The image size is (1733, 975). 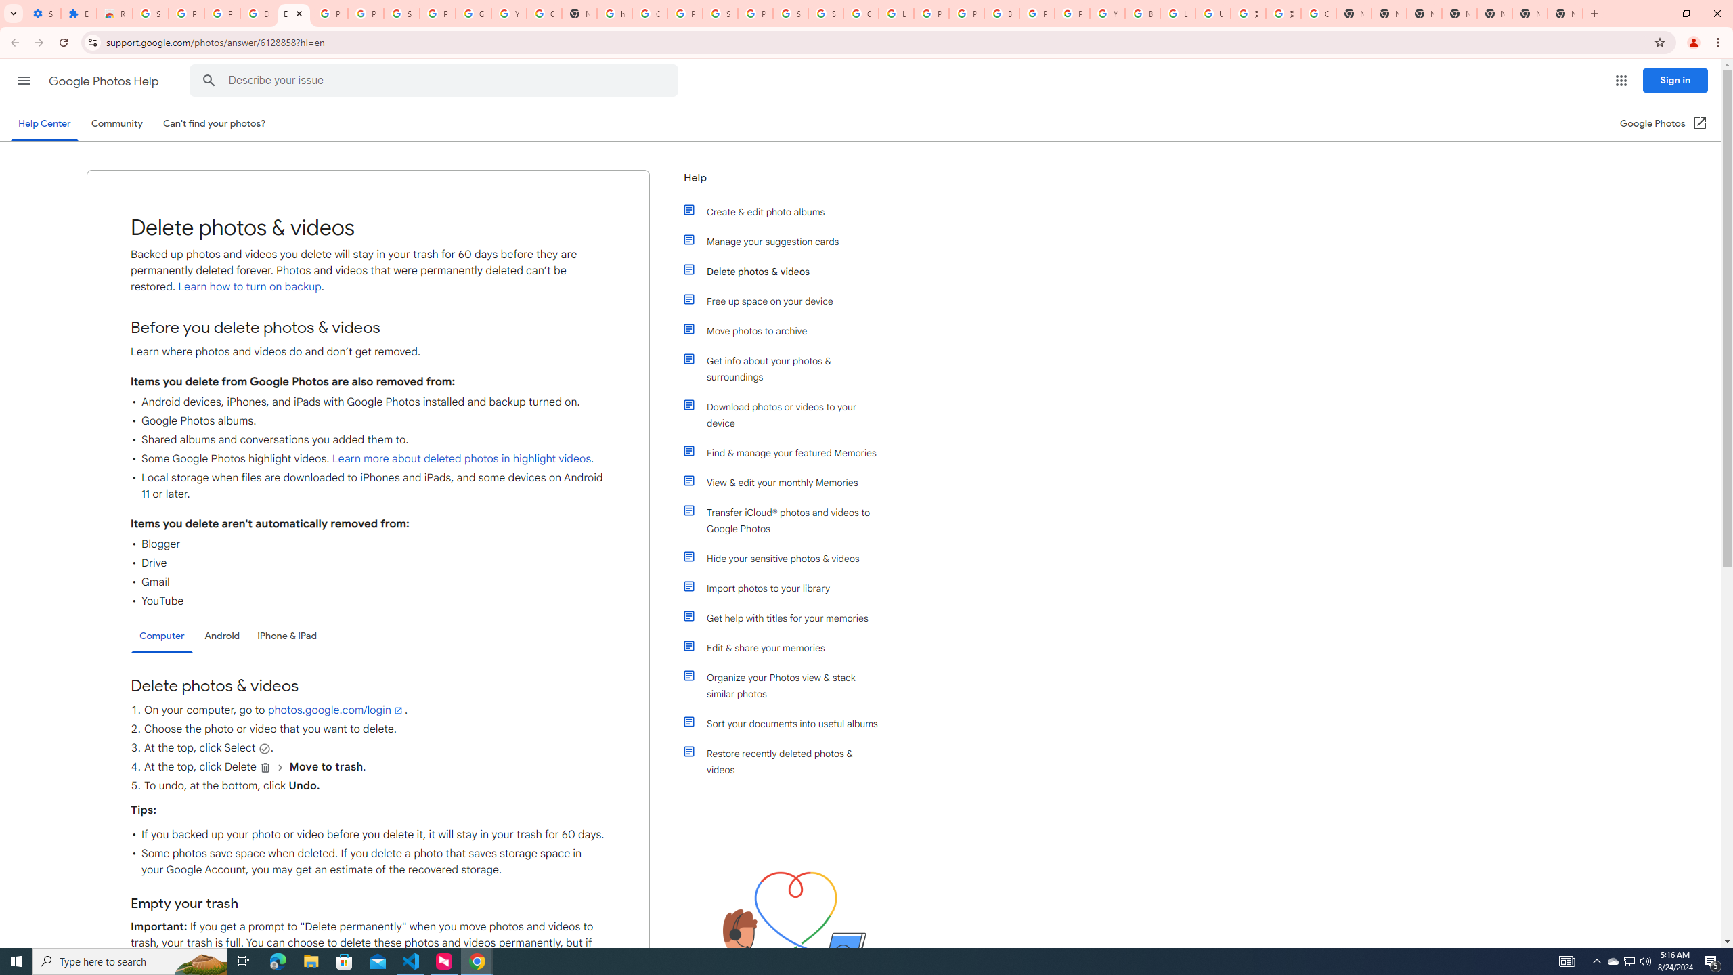 I want to click on 'Sign in - Google Accounts', so click(x=790, y=13).